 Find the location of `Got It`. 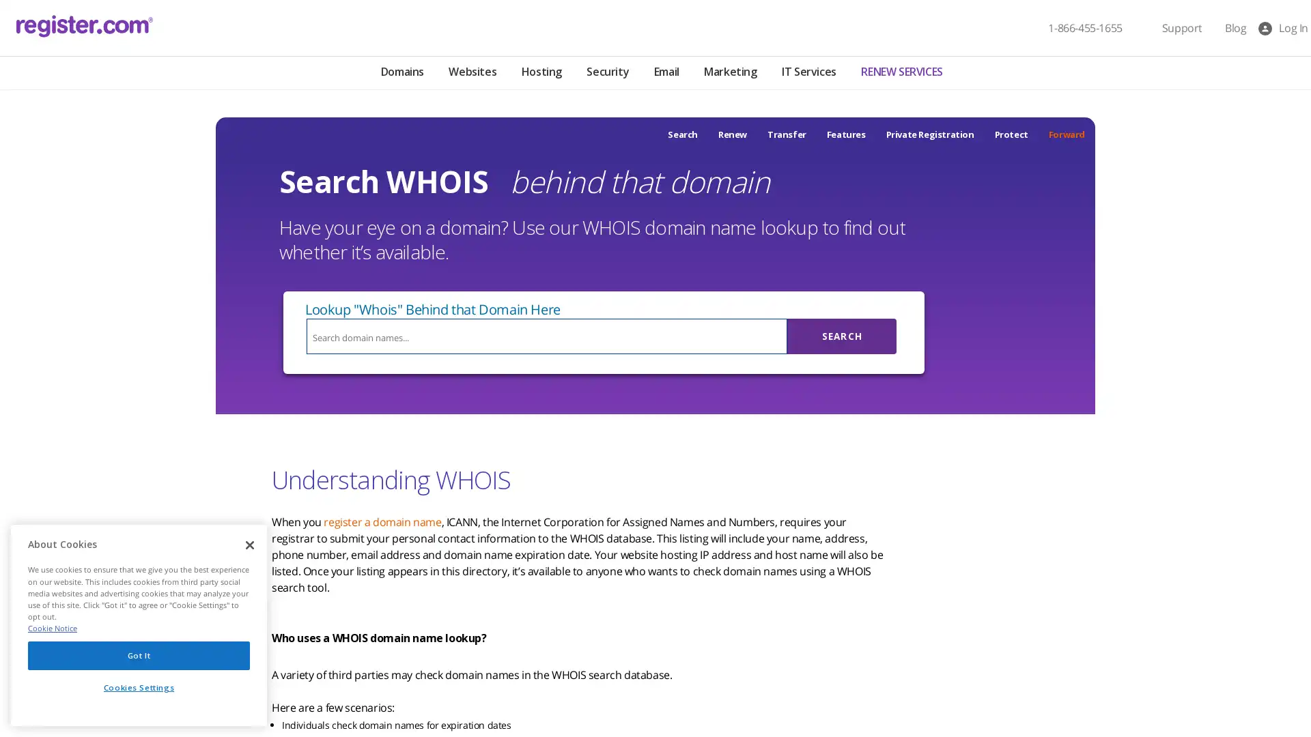

Got It is located at coordinates (139, 658).